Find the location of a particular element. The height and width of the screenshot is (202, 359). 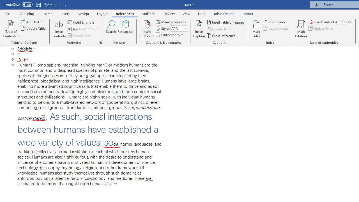

'Update Table' is located at coordinates (321, 28).